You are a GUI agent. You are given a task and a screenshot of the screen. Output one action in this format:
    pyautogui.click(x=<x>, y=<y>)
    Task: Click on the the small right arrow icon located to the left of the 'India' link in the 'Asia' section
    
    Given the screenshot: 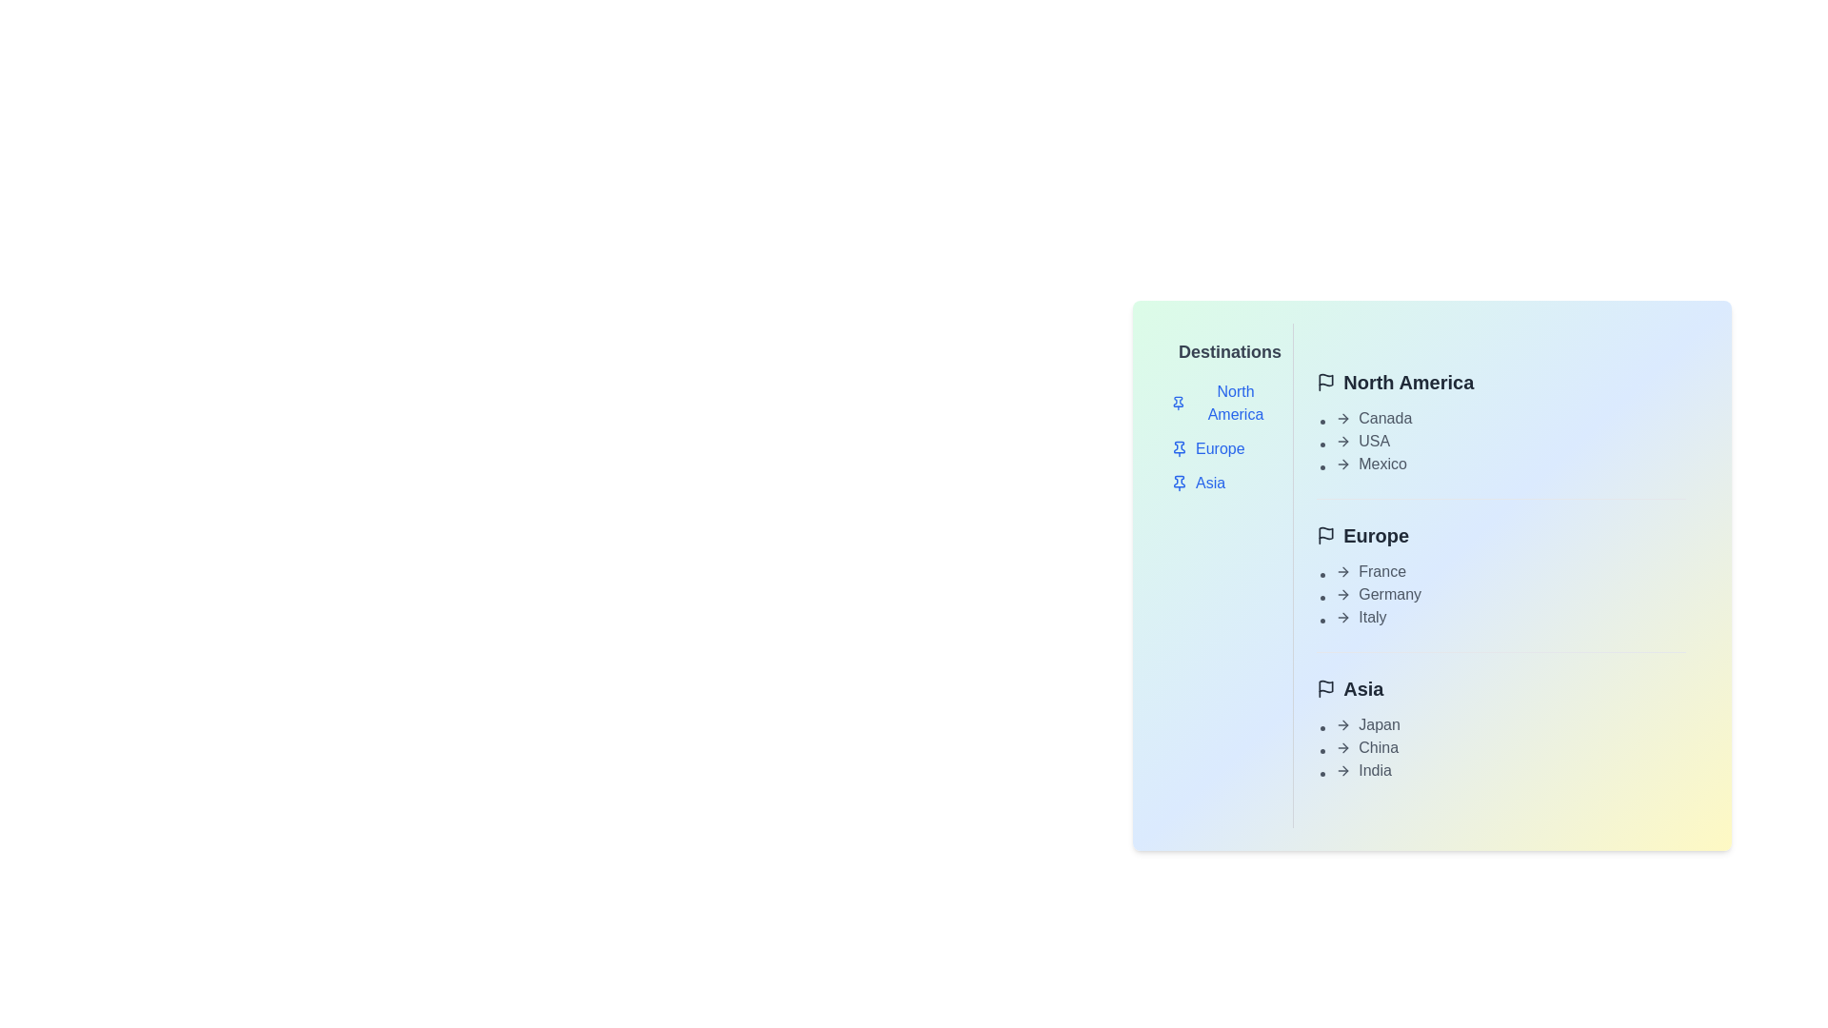 What is the action you would take?
    pyautogui.click(x=1342, y=771)
    